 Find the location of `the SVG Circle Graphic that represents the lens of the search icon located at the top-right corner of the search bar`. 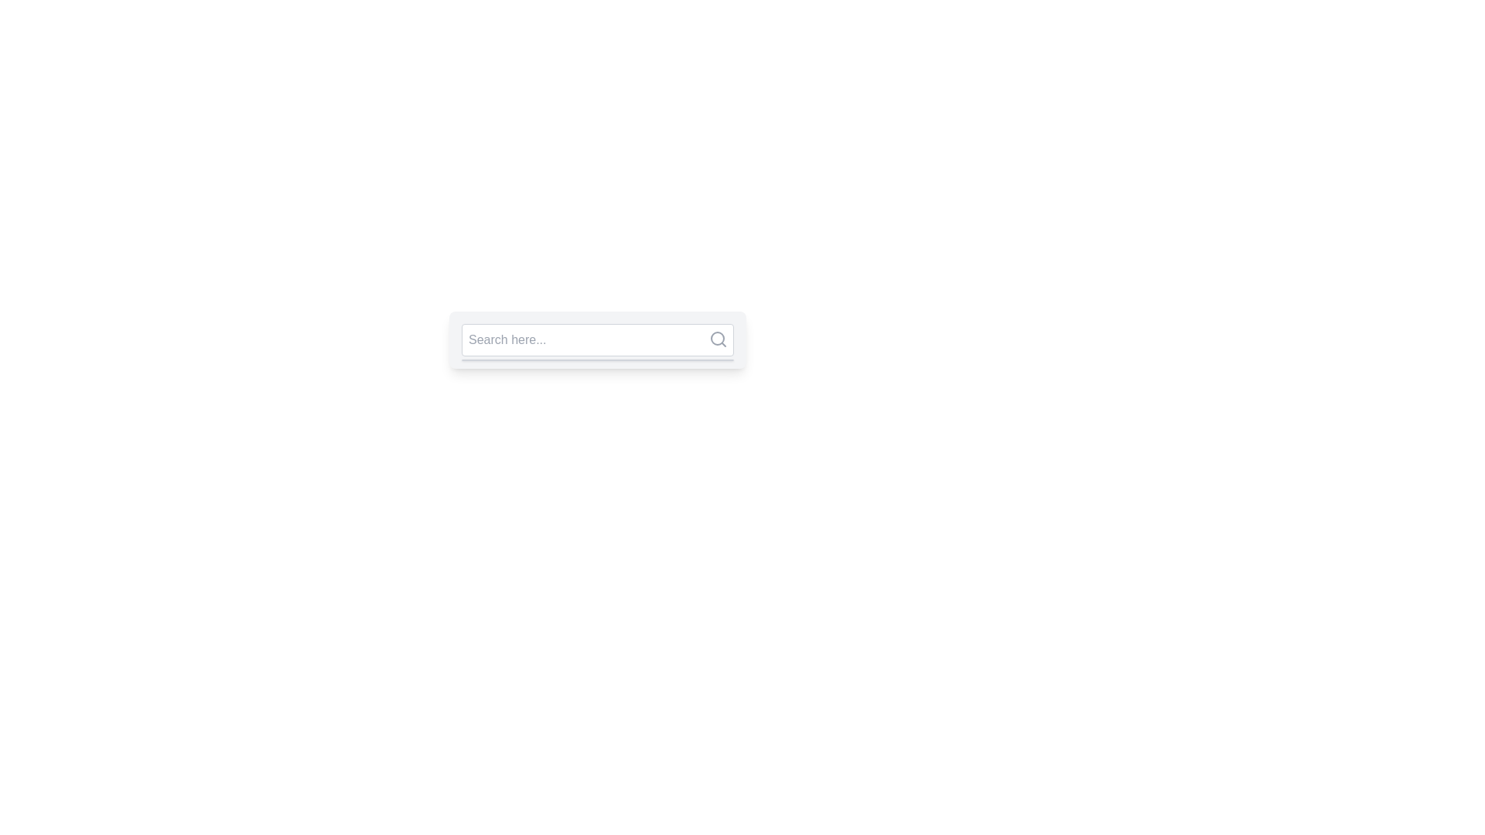

the SVG Circle Graphic that represents the lens of the search icon located at the top-right corner of the search bar is located at coordinates (716, 338).